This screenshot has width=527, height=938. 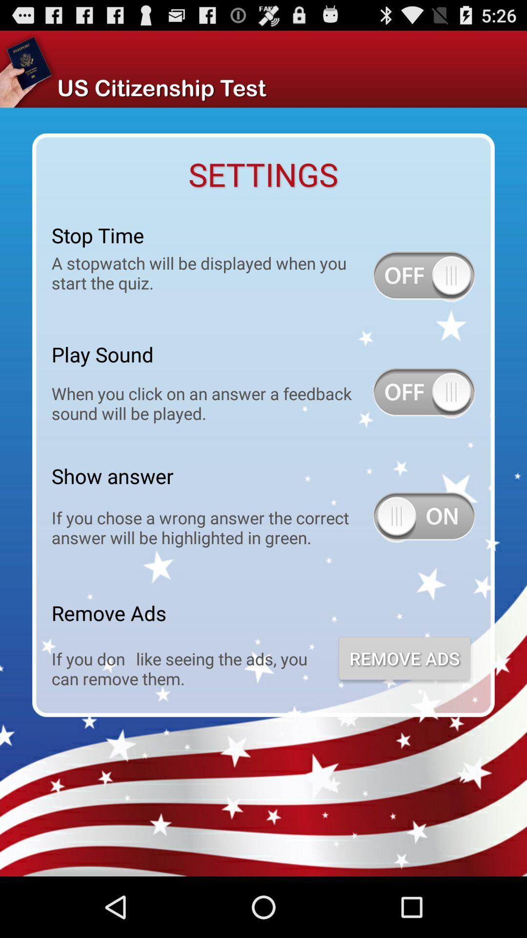 What do you see at coordinates (424, 393) in the screenshot?
I see `turn on sound when answering feedback` at bounding box center [424, 393].